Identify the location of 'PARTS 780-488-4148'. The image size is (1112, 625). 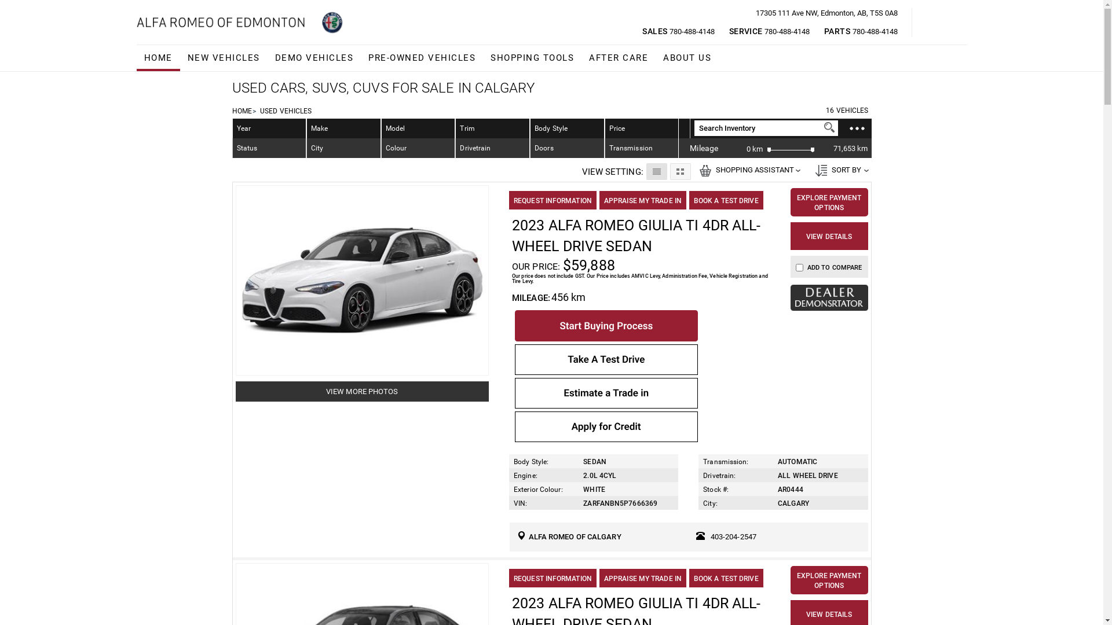
(861, 31).